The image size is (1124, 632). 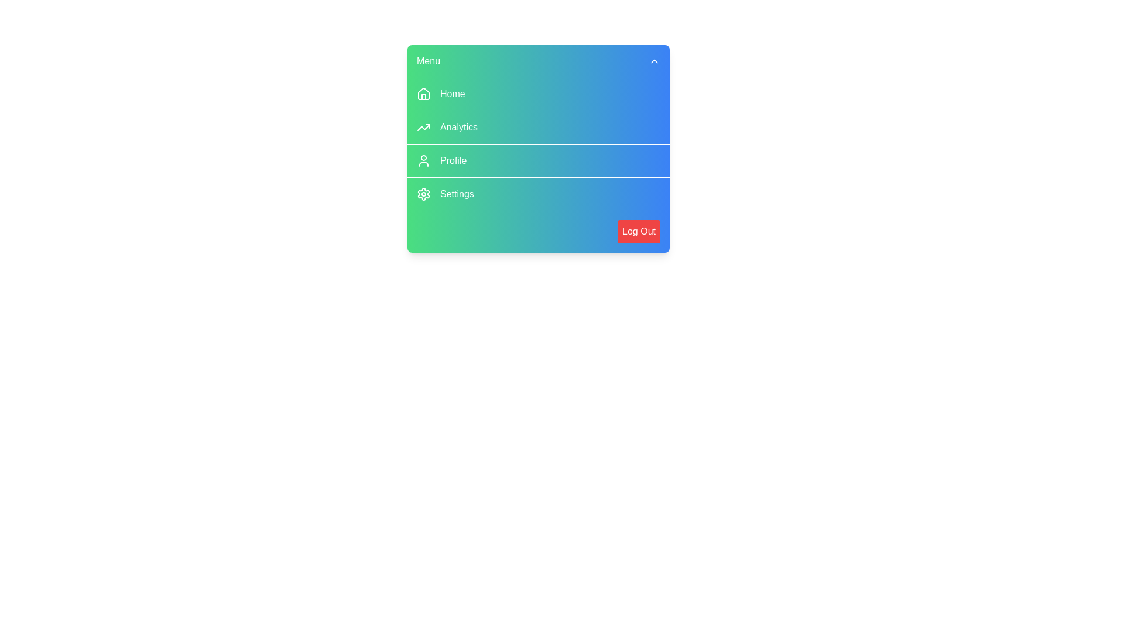 What do you see at coordinates (538, 61) in the screenshot?
I see `the toggle button at the top of the menu to close it` at bounding box center [538, 61].